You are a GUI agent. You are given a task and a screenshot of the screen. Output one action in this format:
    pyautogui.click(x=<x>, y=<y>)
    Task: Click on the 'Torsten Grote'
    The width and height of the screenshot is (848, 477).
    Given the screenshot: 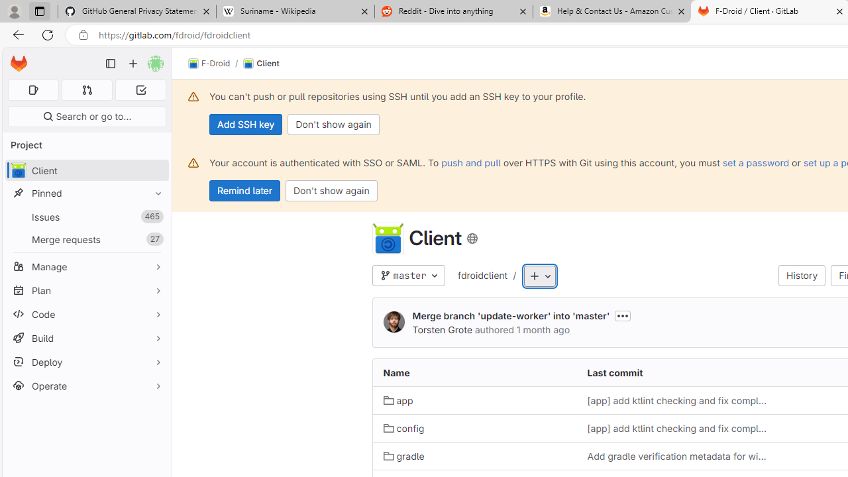 What is the action you would take?
    pyautogui.click(x=442, y=329)
    